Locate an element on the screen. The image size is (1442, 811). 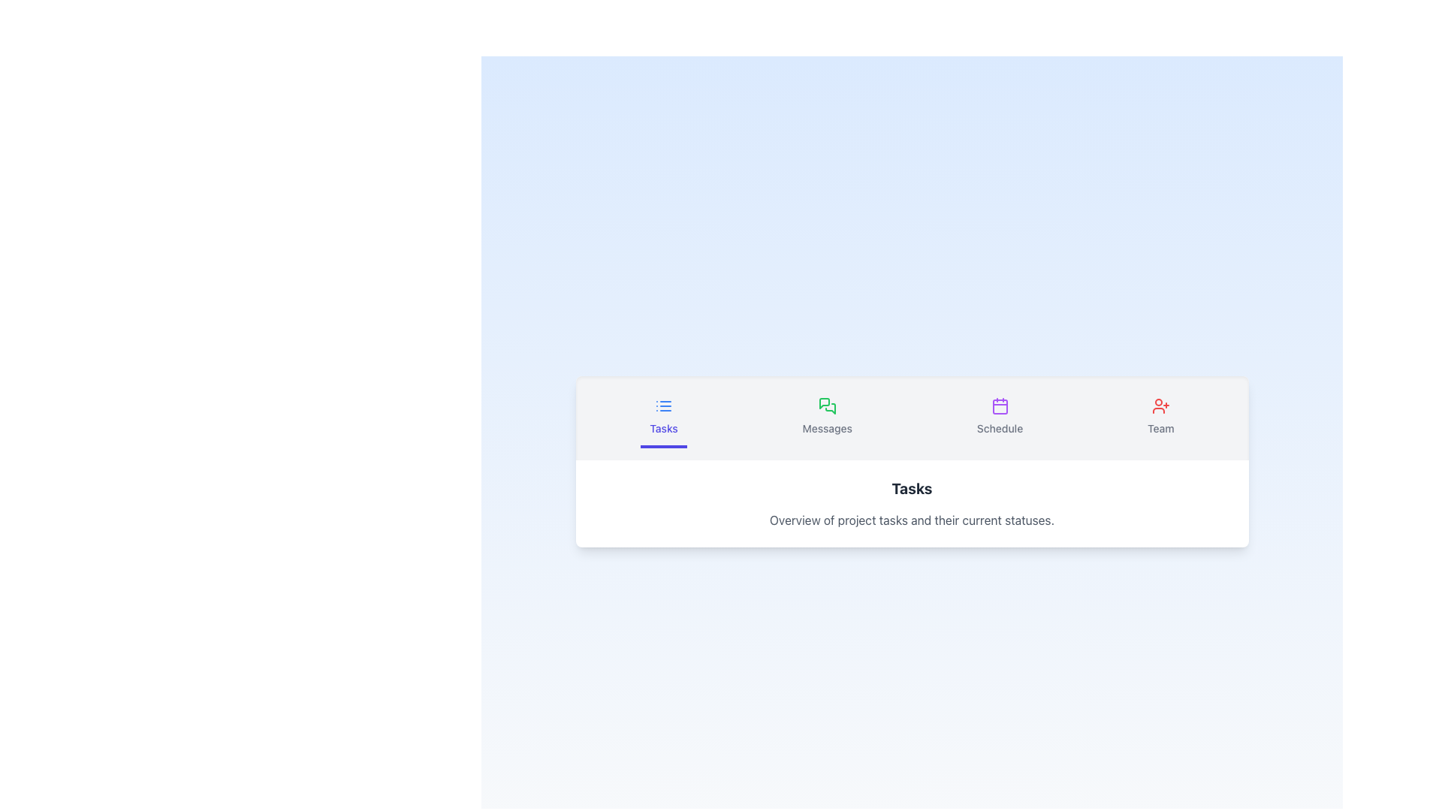
'Tasks' text label located below the checklist icon in the navigation bar, which serves as a descriptor for the 'Tasks' menu option is located at coordinates (663, 428).